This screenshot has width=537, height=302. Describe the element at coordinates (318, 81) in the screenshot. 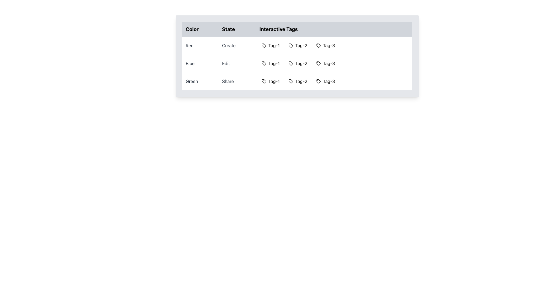

I see `the visual details of the green tag icon labeled 'Tag-3' located in the 'Interactive Tags' column under the 'Share' row of the table` at that location.